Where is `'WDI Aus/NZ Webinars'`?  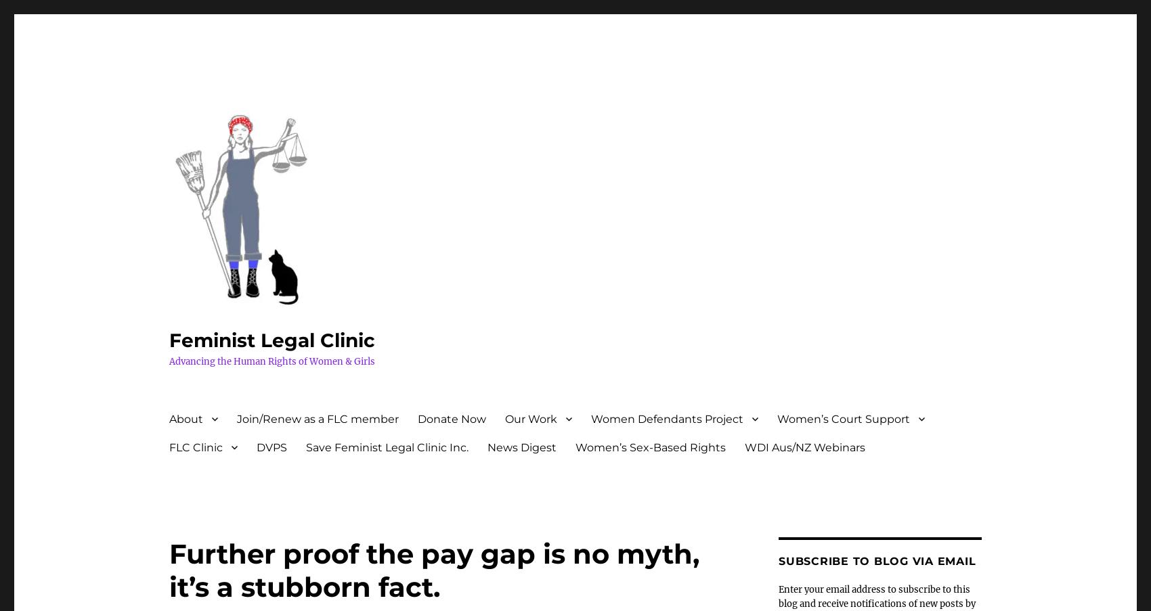 'WDI Aus/NZ Webinars' is located at coordinates (804, 446).